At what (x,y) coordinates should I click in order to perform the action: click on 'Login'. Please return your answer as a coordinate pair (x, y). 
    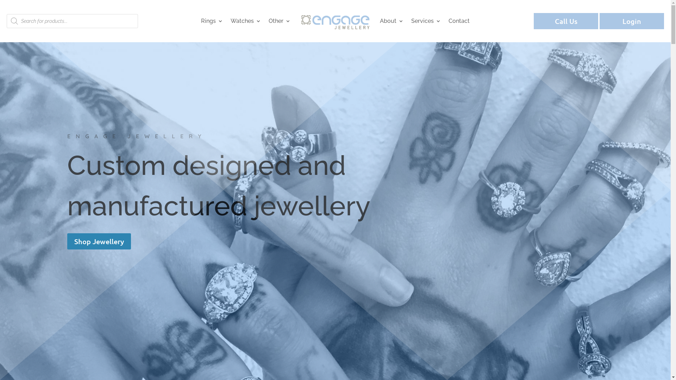
    Looking at the image, I should click on (599, 21).